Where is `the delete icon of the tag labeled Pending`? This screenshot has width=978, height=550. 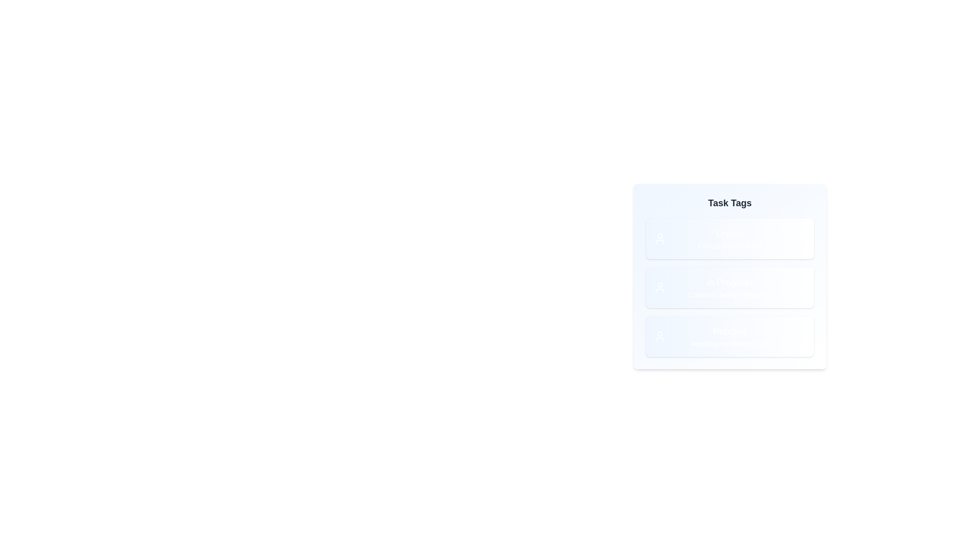
the delete icon of the tag labeled Pending is located at coordinates (799, 336).